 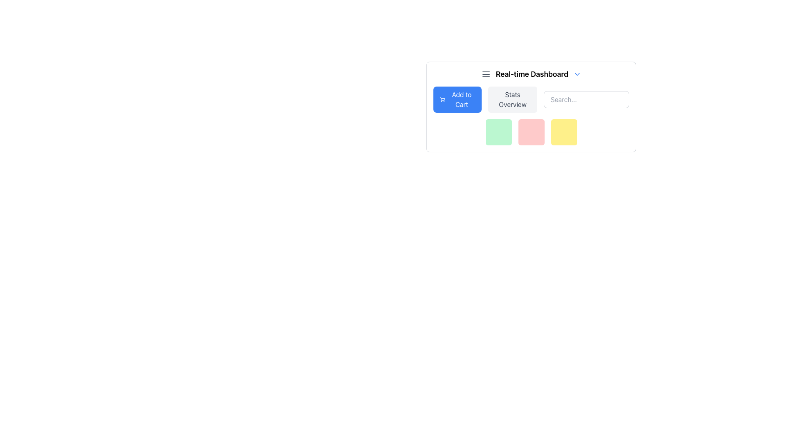 What do you see at coordinates (531, 132) in the screenshot?
I see `the middle decorative box in the row of three colored squares within the 'Real-time Dashboard' section, located below the 'Add to Cart' and 'Stats Overview' buttons` at bounding box center [531, 132].